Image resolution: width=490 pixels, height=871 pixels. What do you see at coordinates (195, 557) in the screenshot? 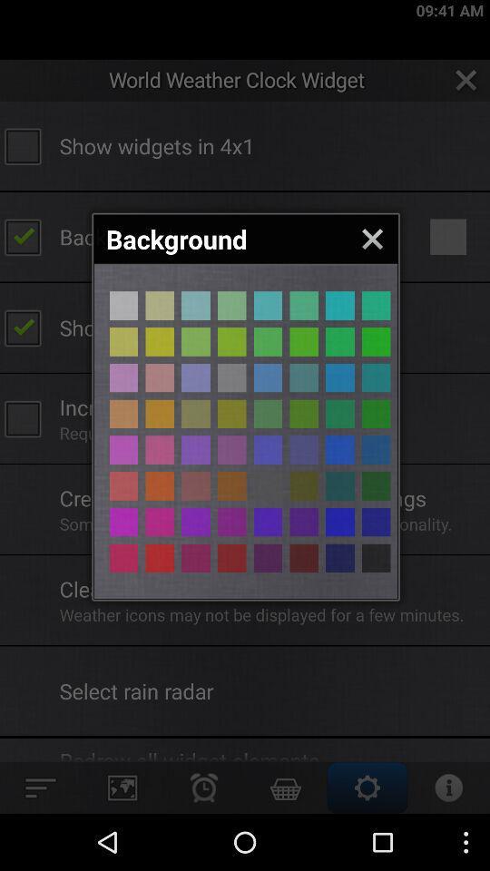
I see `colour page` at bounding box center [195, 557].